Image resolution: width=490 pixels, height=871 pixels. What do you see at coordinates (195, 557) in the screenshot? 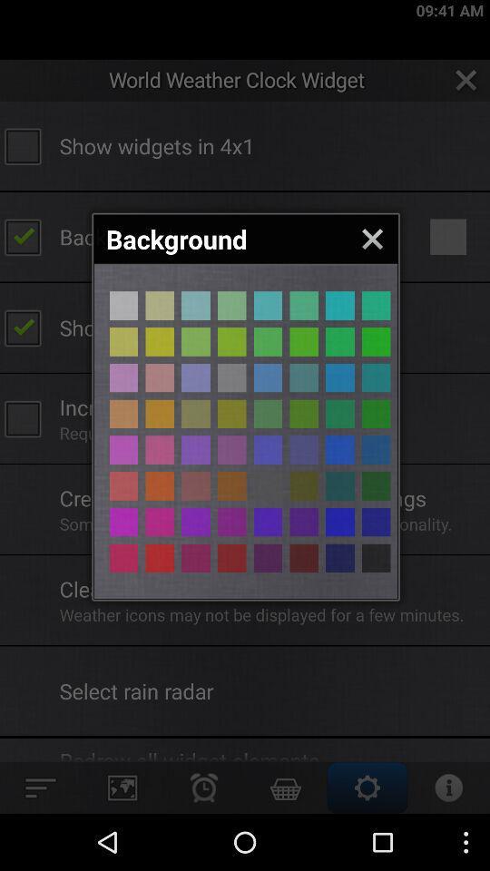
I see `colour page` at bounding box center [195, 557].